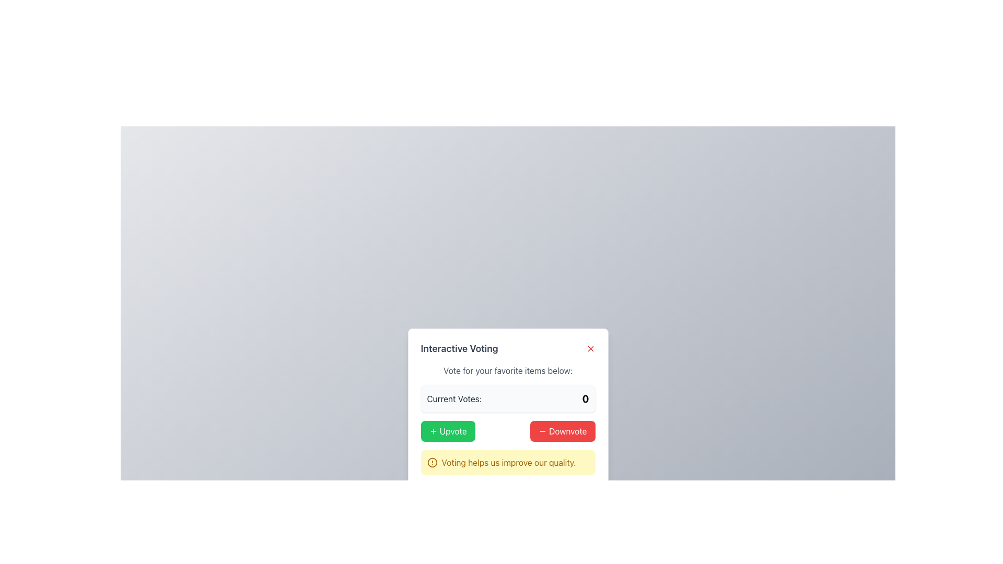  I want to click on the circular icon located to the left of the text 'Voting helps us improve our quality' within the yellow notification box at the bottom of the voting interface, so click(432, 462).